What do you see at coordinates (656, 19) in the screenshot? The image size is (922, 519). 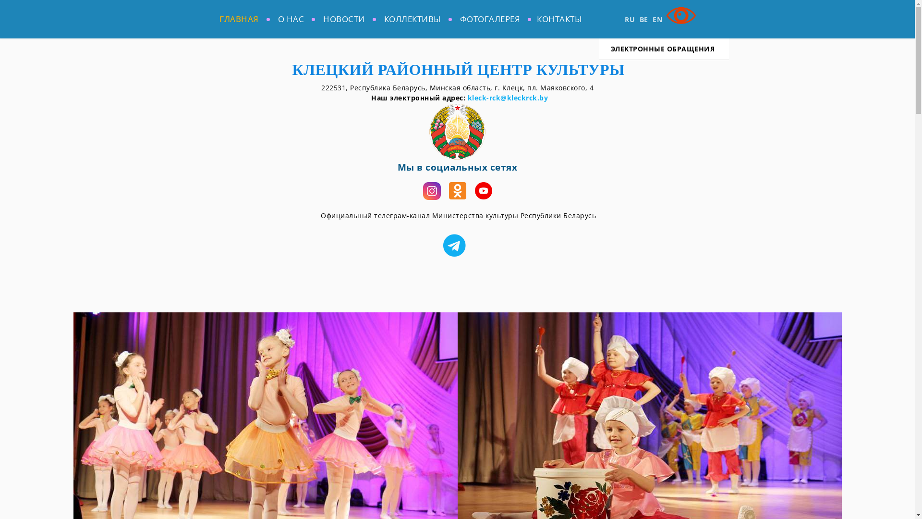 I see `'EN'` at bounding box center [656, 19].